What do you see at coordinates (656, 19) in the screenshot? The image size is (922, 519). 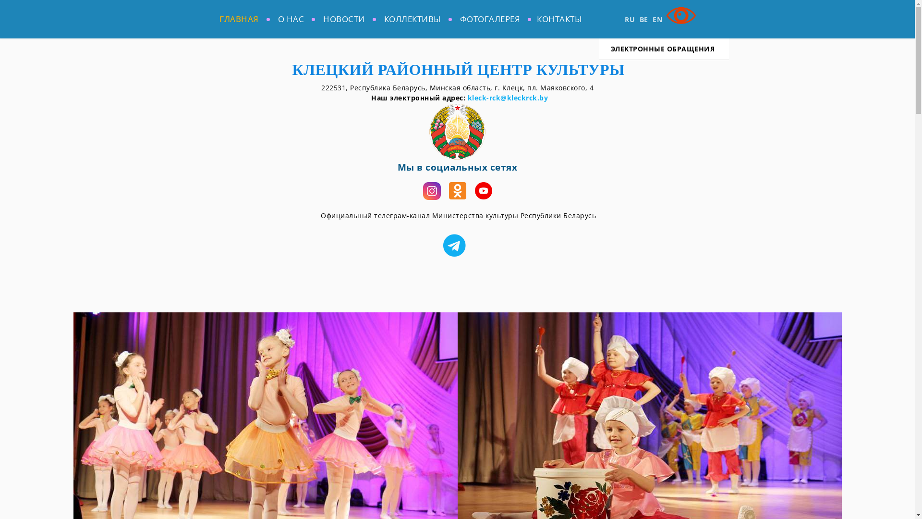 I see `'EN'` at bounding box center [656, 19].